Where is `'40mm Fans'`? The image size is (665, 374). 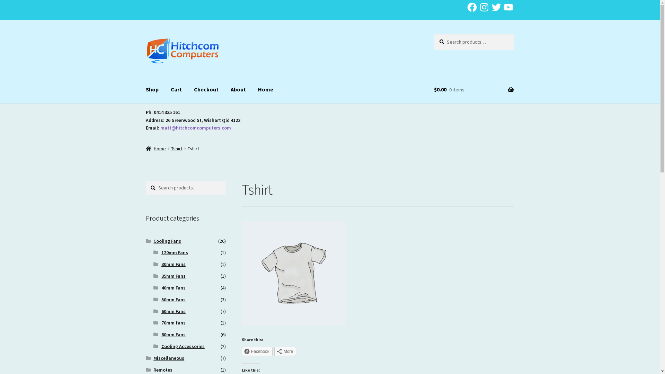 '40mm Fans' is located at coordinates (173, 287).